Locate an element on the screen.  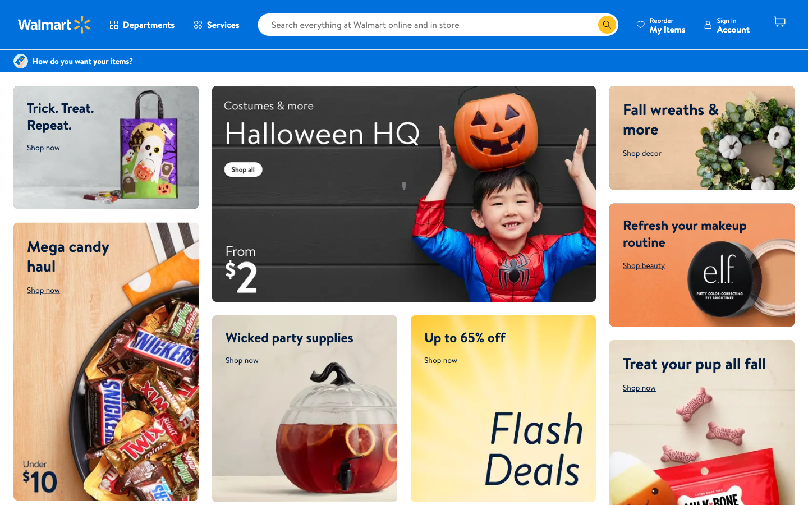
the account information screen is located at coordinates (726, 24).